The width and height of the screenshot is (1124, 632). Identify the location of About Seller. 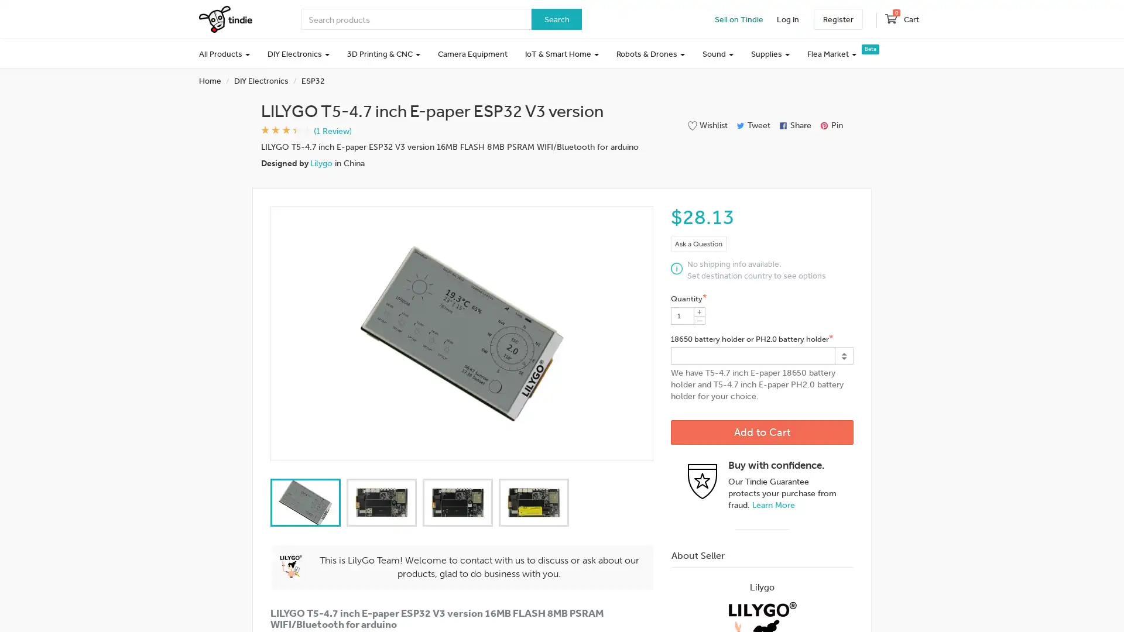
(762, 555).